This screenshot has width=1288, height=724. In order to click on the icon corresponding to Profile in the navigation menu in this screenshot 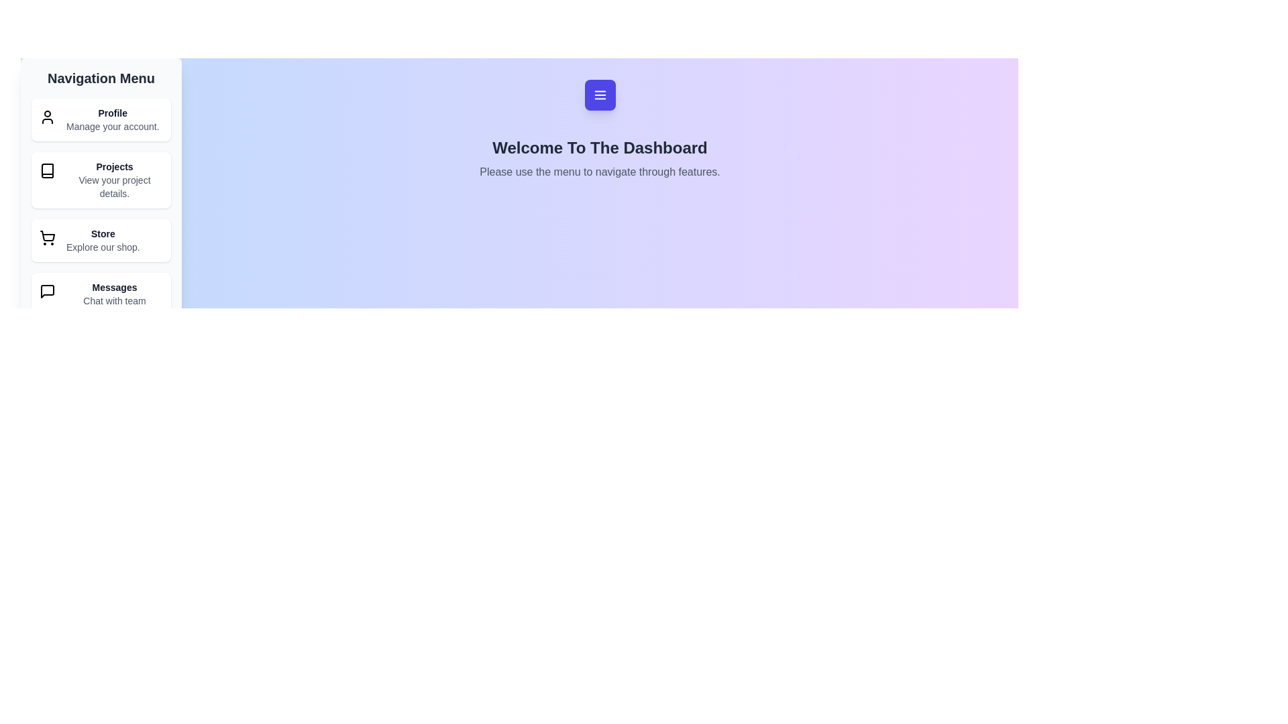, I will do `click(48, 116)`.